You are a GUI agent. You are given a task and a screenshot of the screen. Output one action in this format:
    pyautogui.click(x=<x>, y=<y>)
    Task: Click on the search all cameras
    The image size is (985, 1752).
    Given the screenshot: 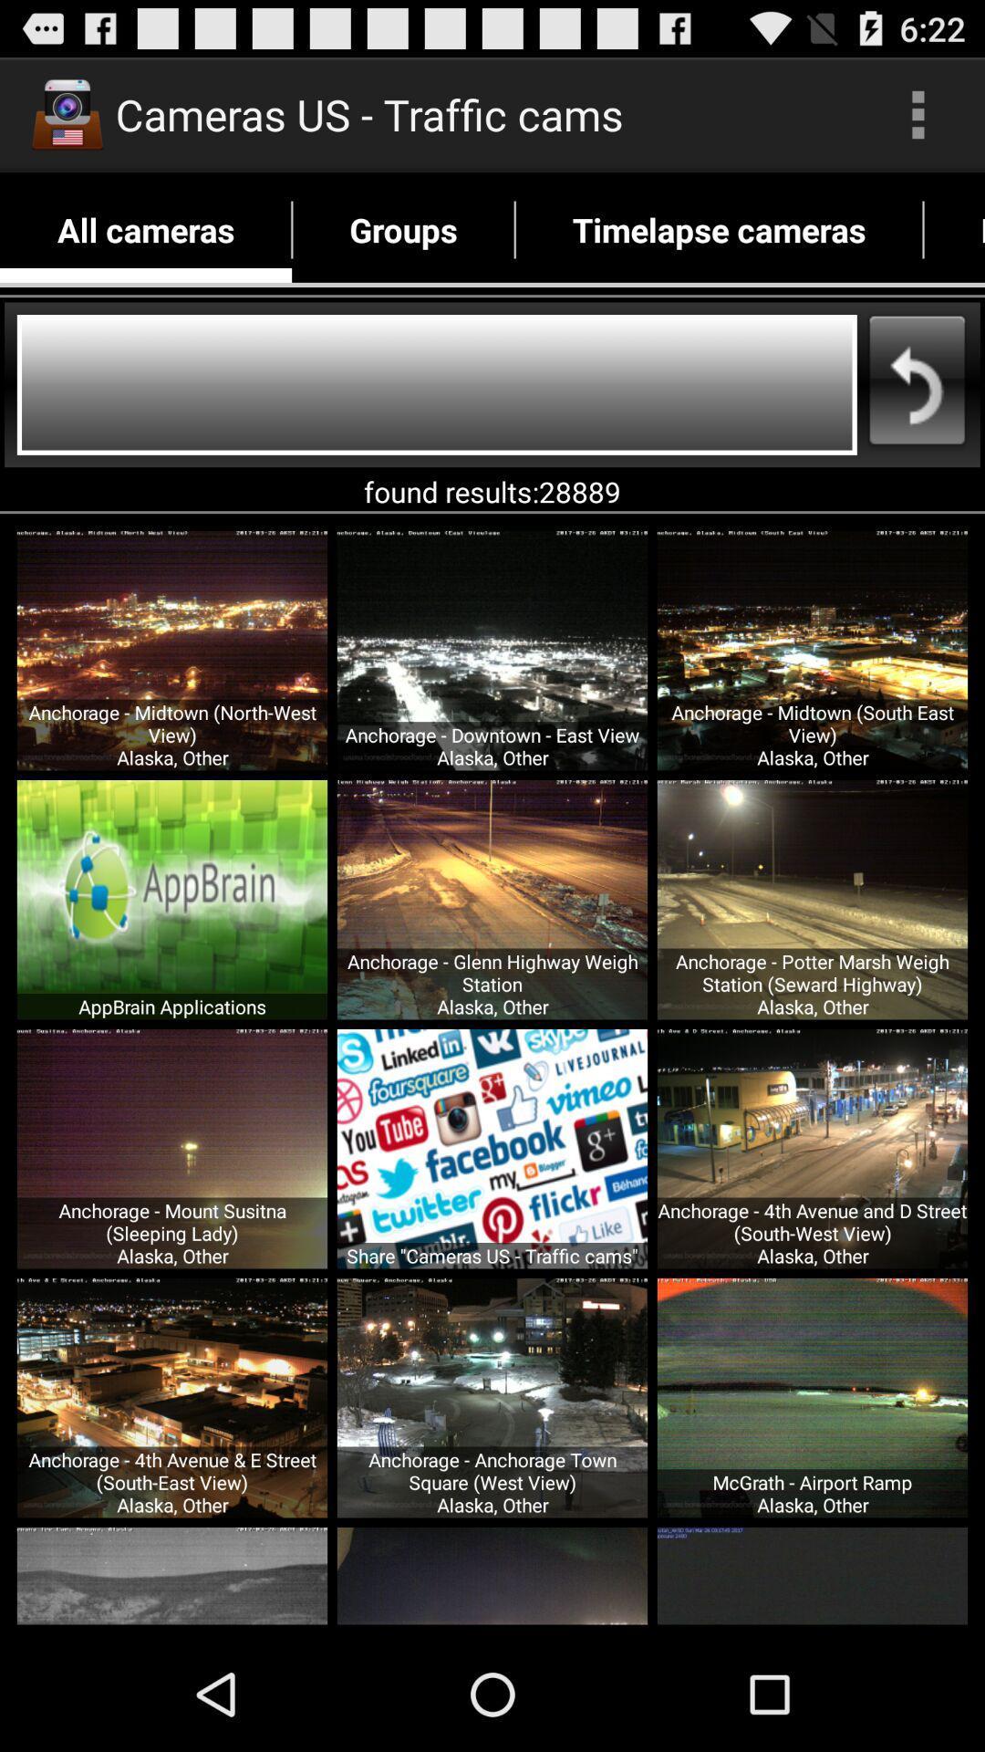 What is the action you would take?
    pyautogui.click(x=437, y=383)
    